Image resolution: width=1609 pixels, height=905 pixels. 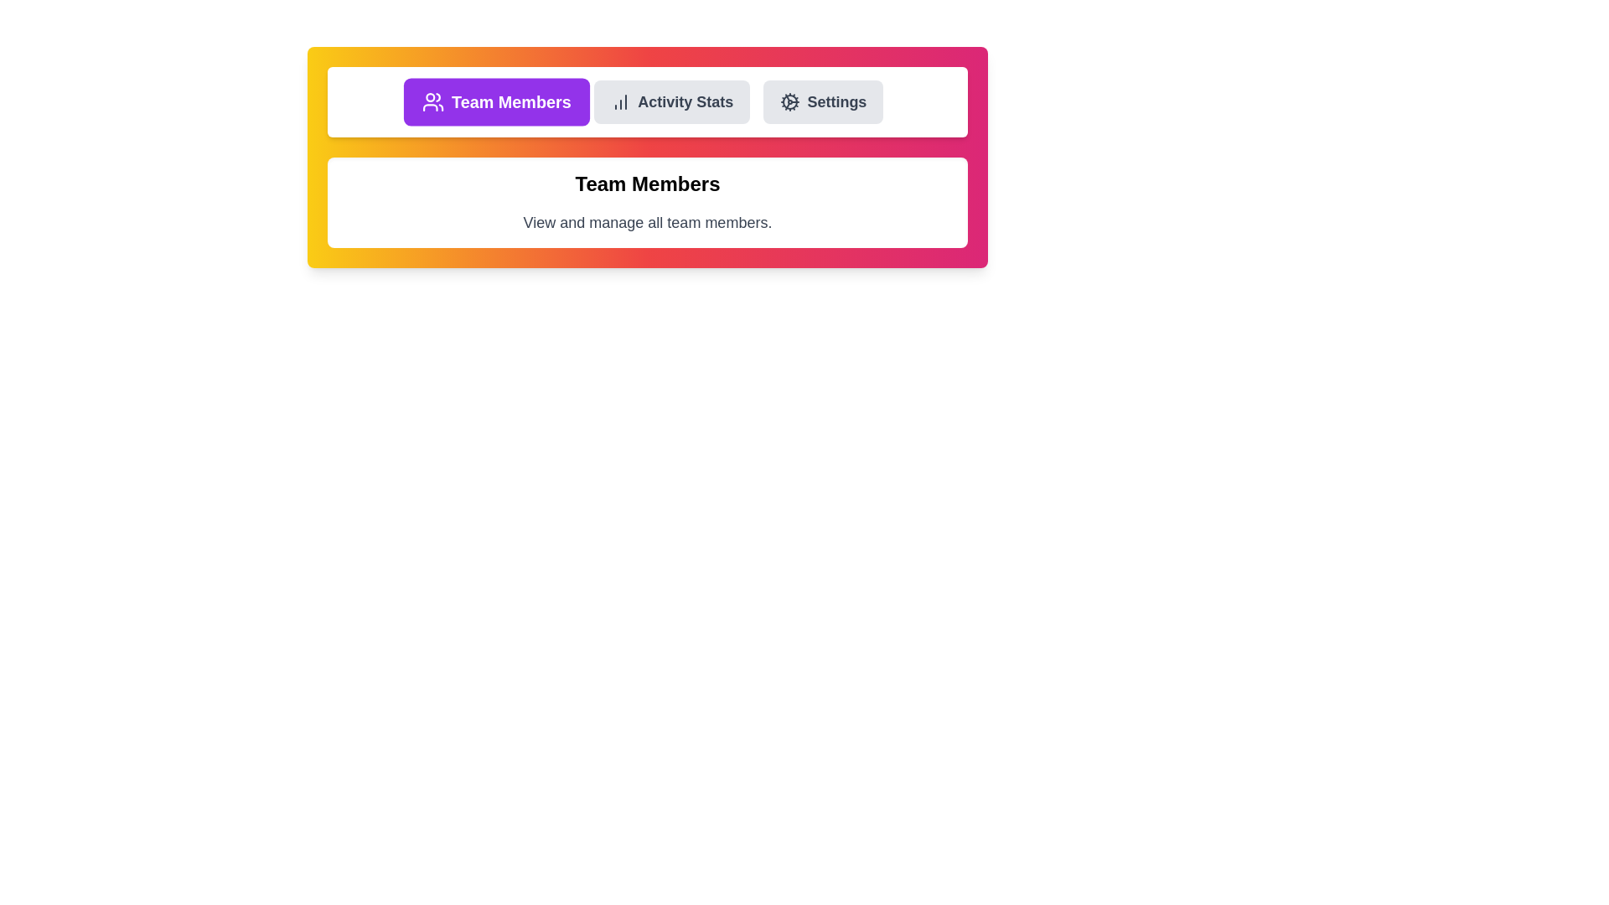 What do you see at coordinates (672, 102) in the screenshot?
I see `the tab labeled Activity Stats` at bounding box center [672, 102].